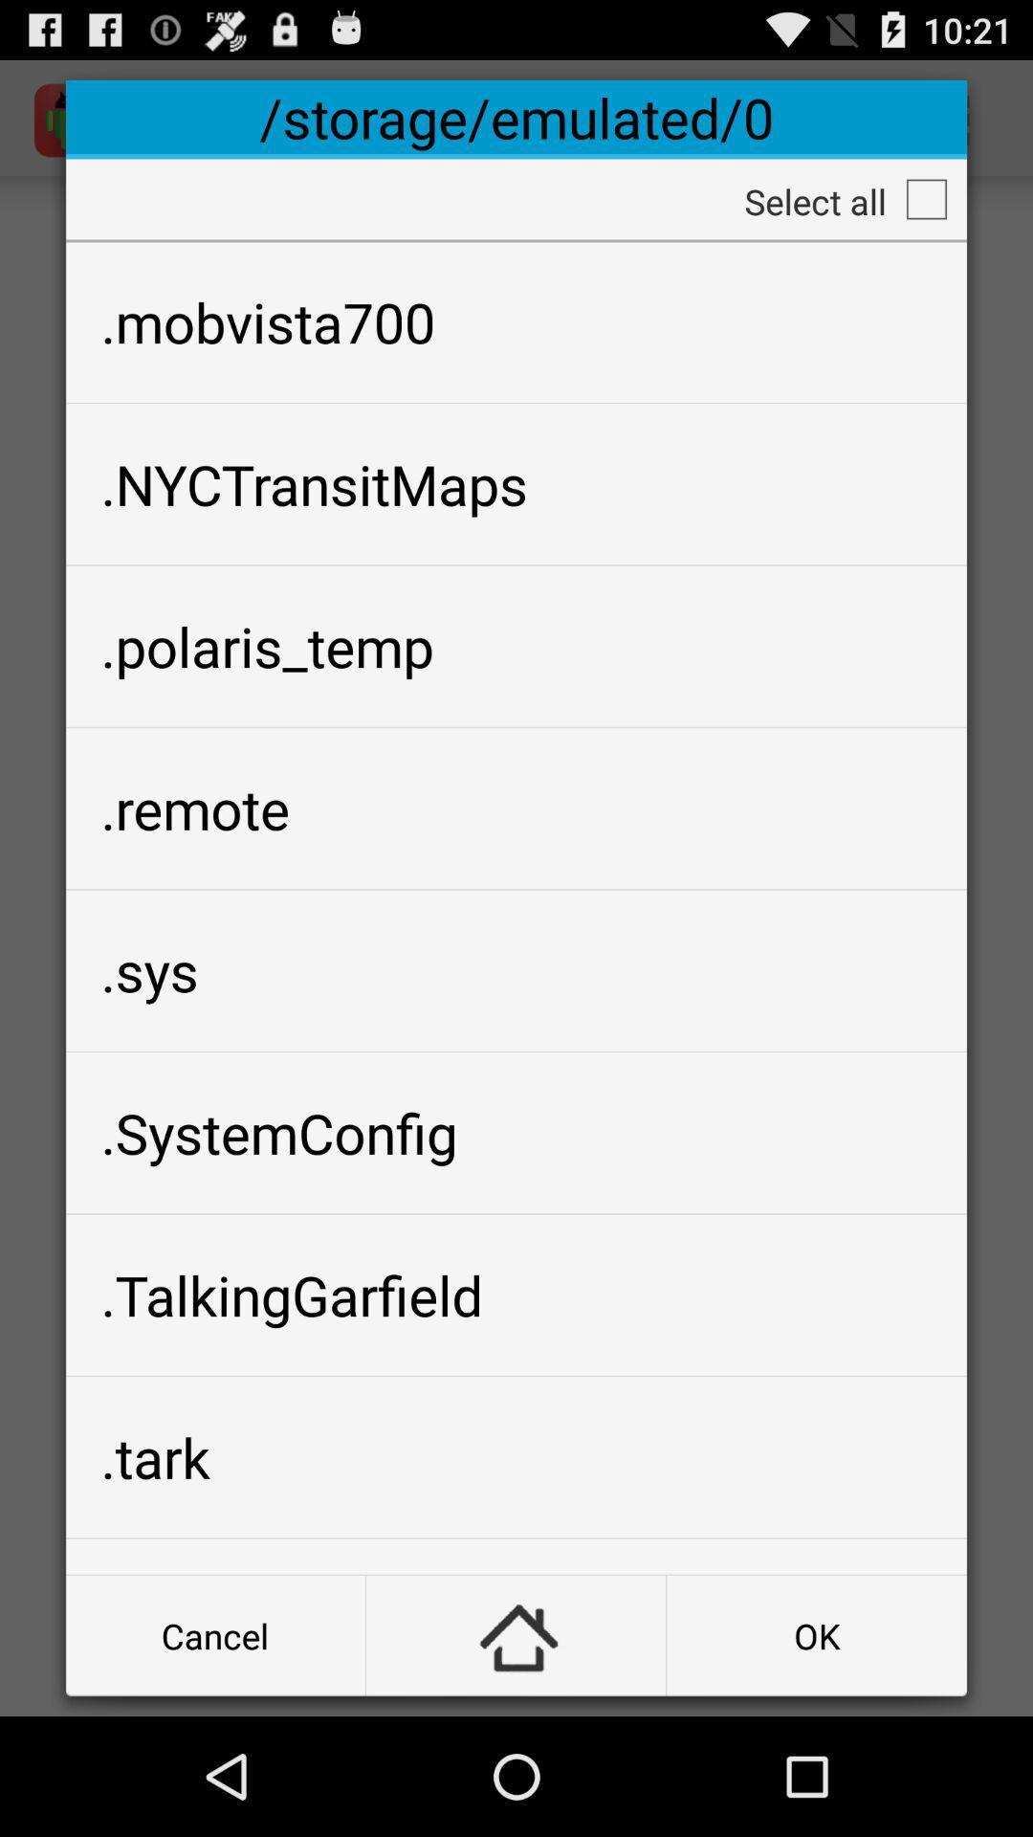  I want to click on app below the .transportext item, so click(215, 1634).